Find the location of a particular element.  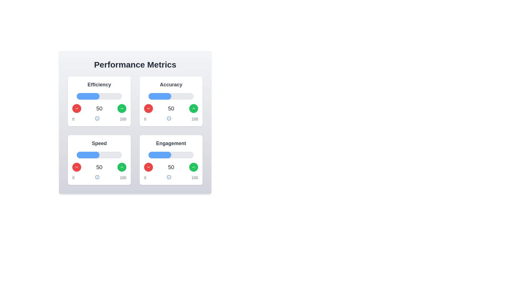

the circular green button with a white upward-pointing chevron located in the bottom-right section of the 'Engagement' card is located at coordinates (194, 167).